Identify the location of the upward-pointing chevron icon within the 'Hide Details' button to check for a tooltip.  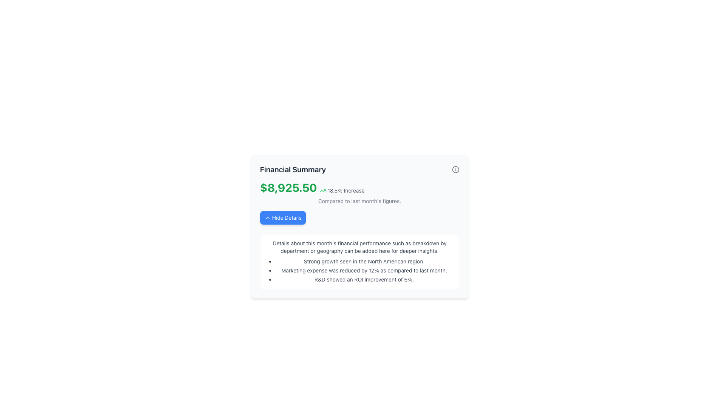
(267, 218).